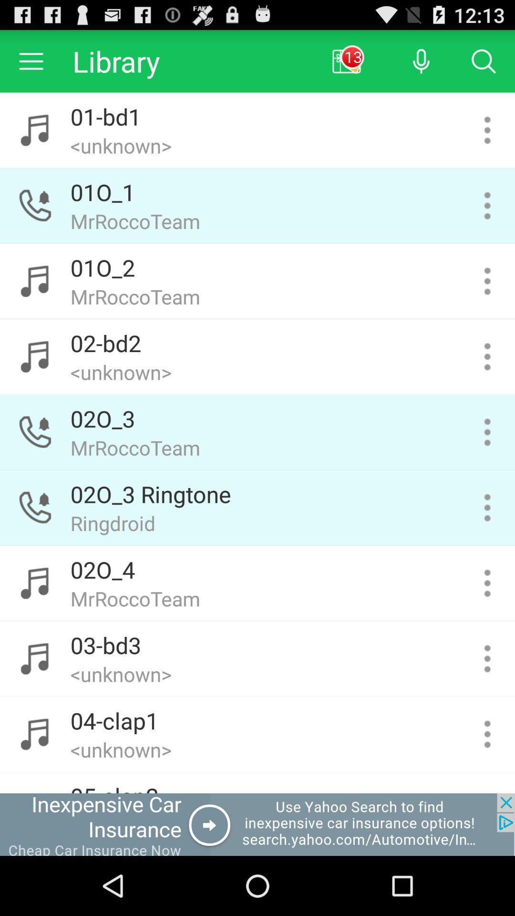  What do you see at coordinates (257, 824) in the screenshot?
I see `make advertisement` at bounding box center [257, 824].